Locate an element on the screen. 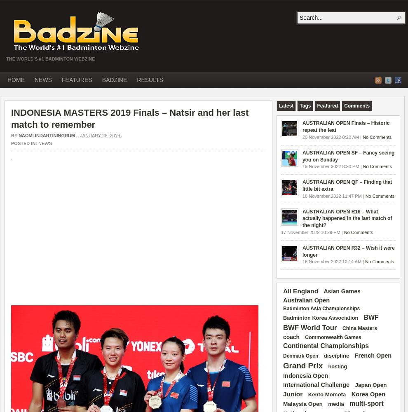 This screenshot has height=412, width=408. 'International Challenge' is located at coordinates (283, 385).